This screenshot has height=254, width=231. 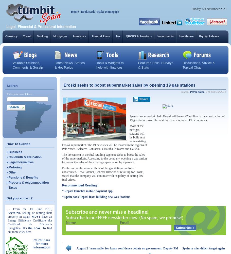 What do you see at coordinates (177, 118) in the screenshot?
I see `'Spanish supermarket chain Eroski will invest €7 million in the construction of 19 gas stations over the next two years, reported El Economista.'` at bounding box center [177, 118].